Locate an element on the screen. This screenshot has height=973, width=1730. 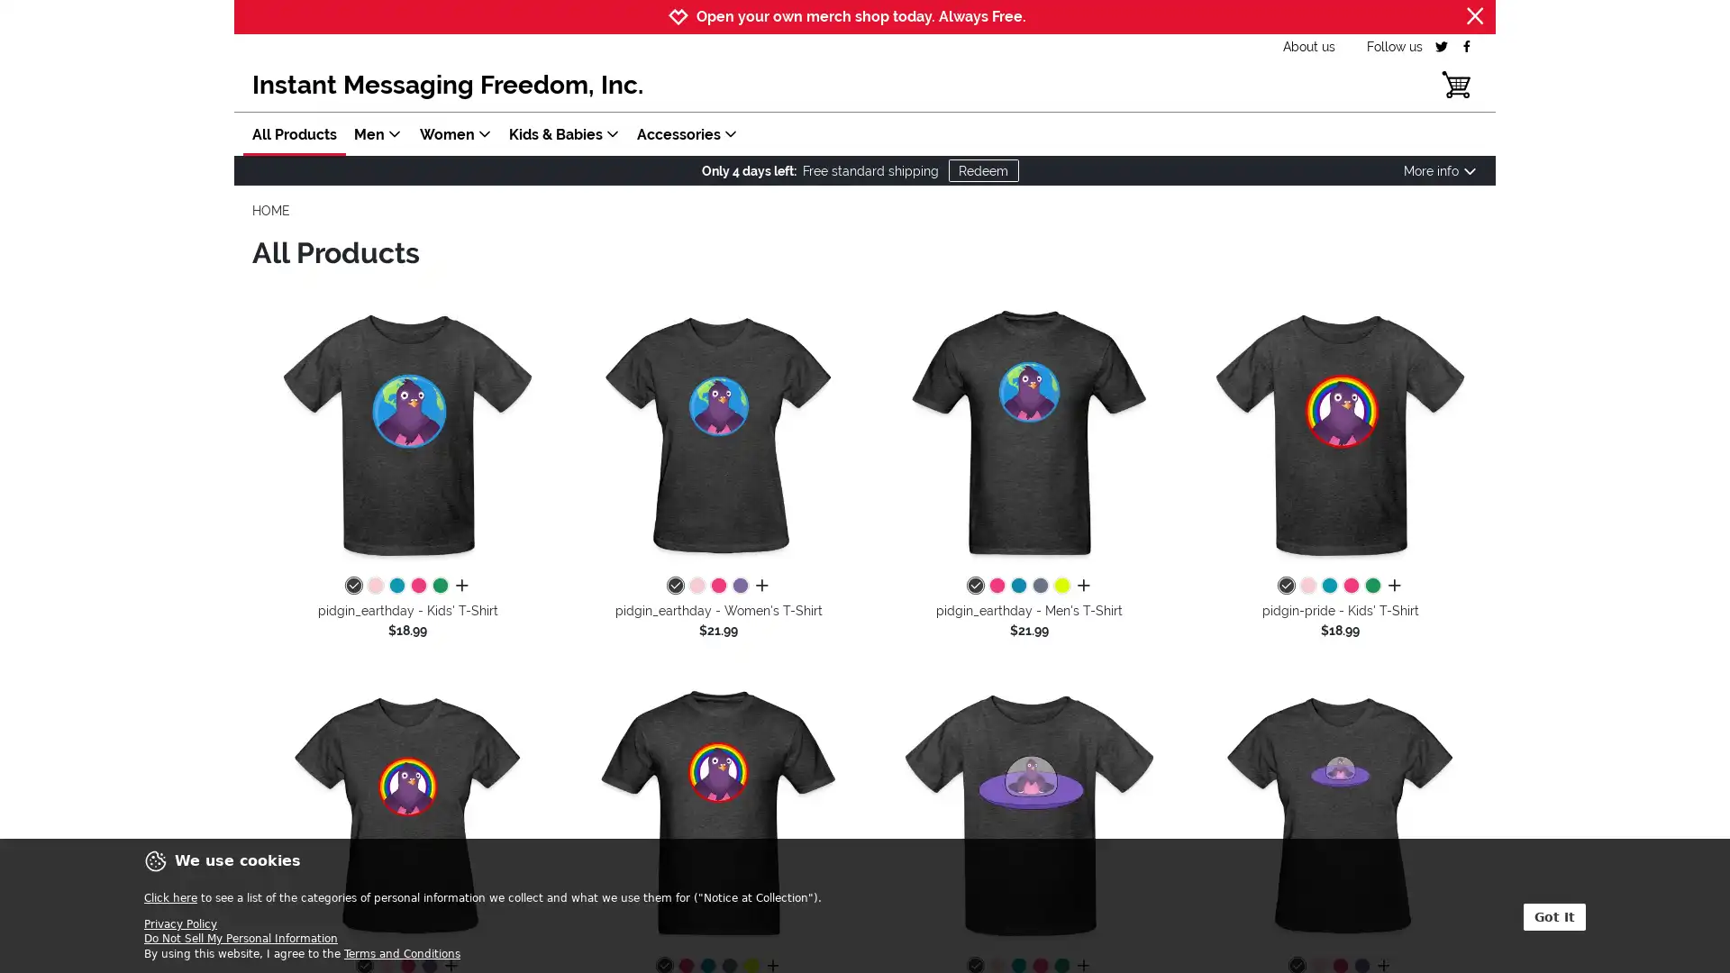
Pidgin UFO - Women's T-Shirt is located at coordinates (1340, 814).